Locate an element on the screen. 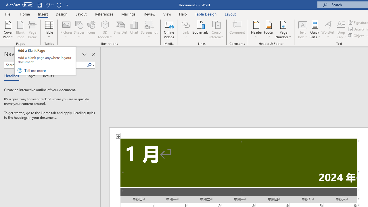  'Shapes' is located at coordinates (79, 30).